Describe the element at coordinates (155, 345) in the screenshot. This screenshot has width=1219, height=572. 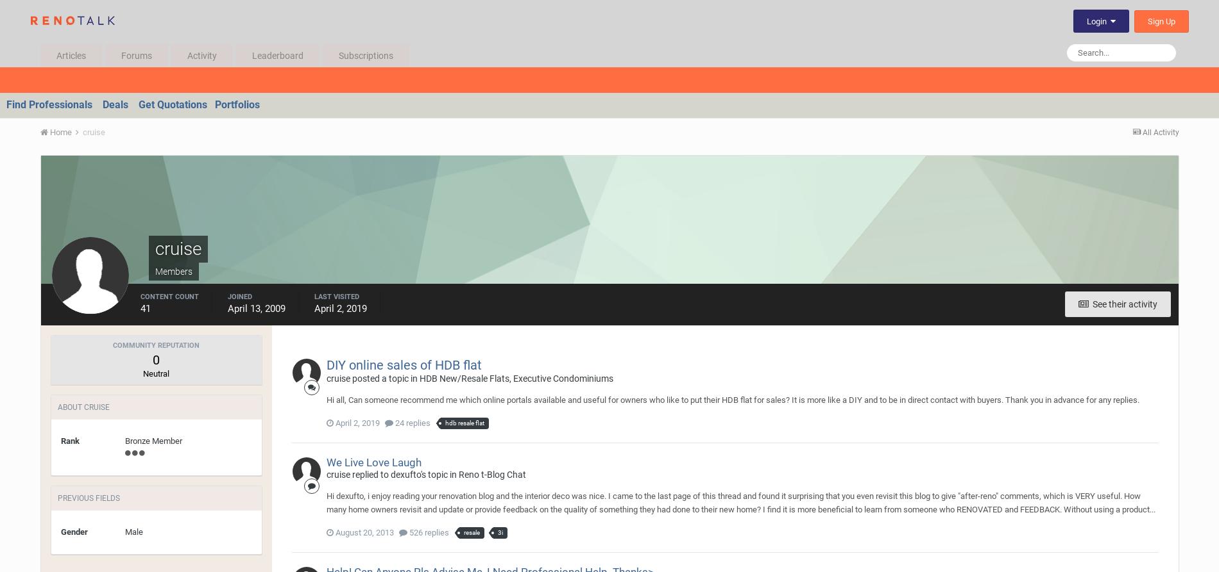
I see `'Community Reputation'` at that location.